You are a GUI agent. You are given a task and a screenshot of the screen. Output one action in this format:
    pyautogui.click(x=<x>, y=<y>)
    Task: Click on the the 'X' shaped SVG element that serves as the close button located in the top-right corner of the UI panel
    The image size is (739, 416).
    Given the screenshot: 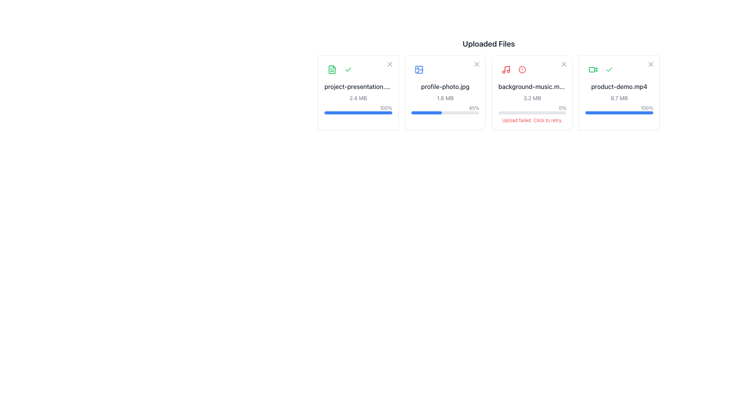 What is the action you would take?
    pyautogui.click(x=650, y=64)
    